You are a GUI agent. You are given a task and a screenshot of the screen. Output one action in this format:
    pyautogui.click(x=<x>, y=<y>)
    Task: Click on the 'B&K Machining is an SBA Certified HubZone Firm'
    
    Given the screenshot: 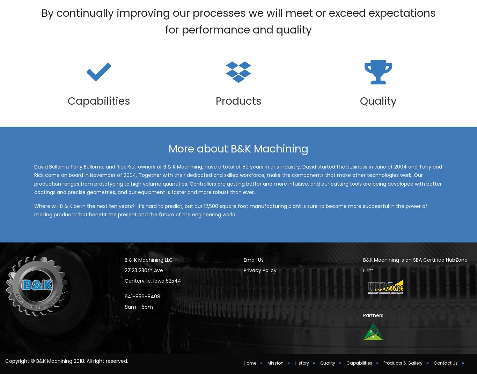 What is the action you would take?
    pyautogui.click(x=362, y=274)
    